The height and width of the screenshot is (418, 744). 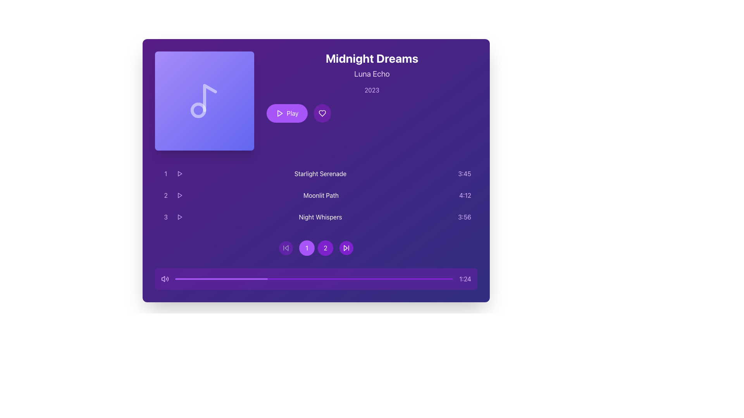 What do you see at coordinates (314, 279) in the screenshot?
I see `the center of the purple progress bar located at the bottom section of the interface to move to a specific point` at bounding box center [314, 279].